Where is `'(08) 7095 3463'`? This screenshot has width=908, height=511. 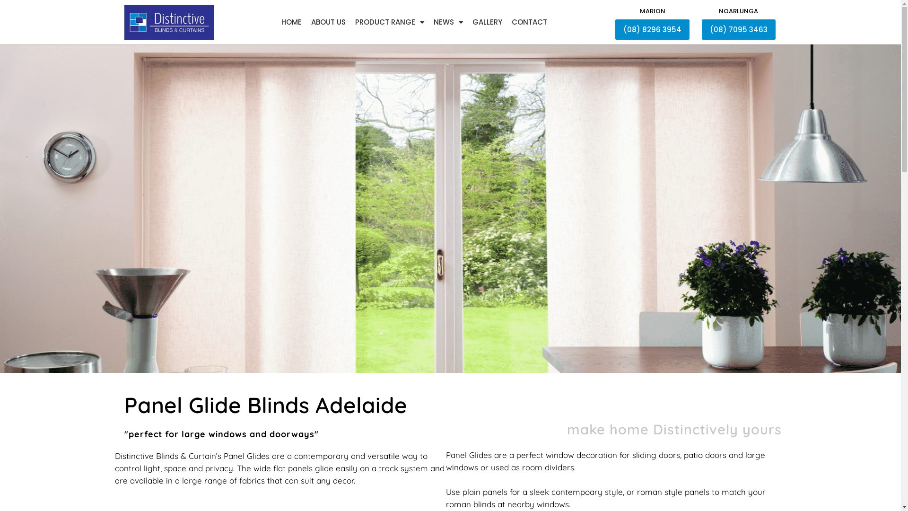 '(08) 7095 3463' is located at coordinates (738, 29).